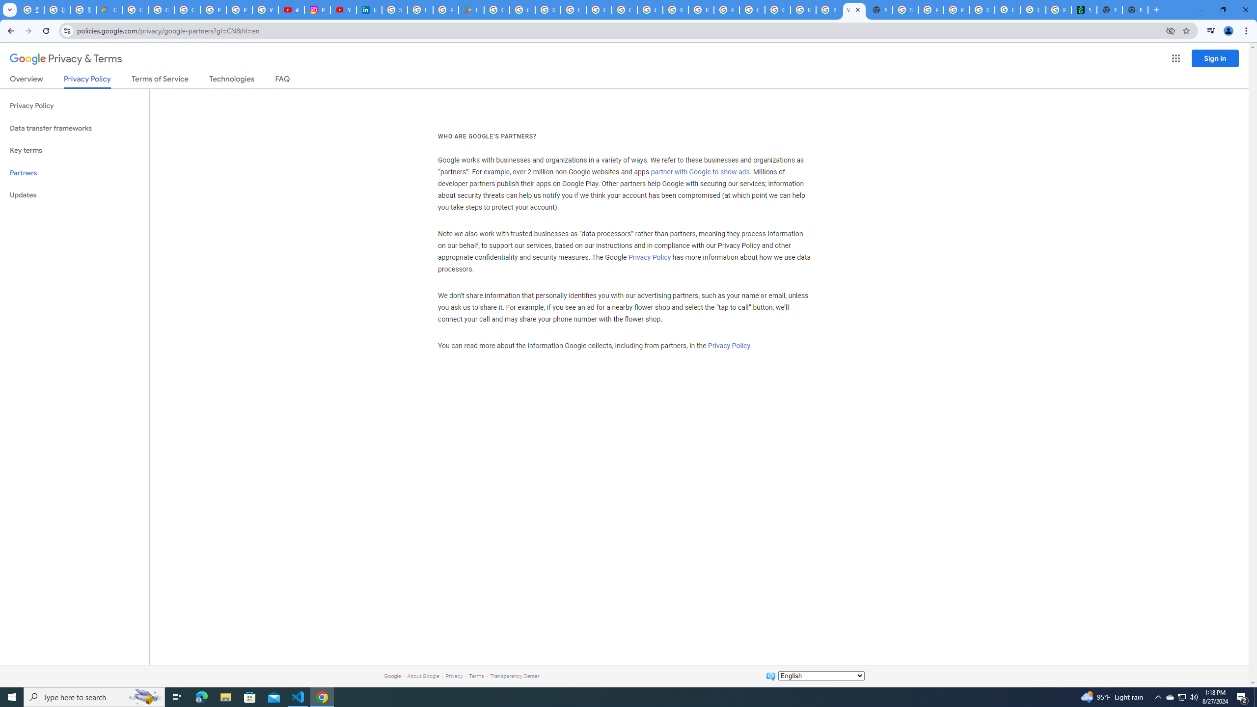 The width and height of the screenshot is (1257, 707). What do you see at coordinates (476, 676) in the screenshot?
I see `'Terms'` at bounding box center [476, 676].